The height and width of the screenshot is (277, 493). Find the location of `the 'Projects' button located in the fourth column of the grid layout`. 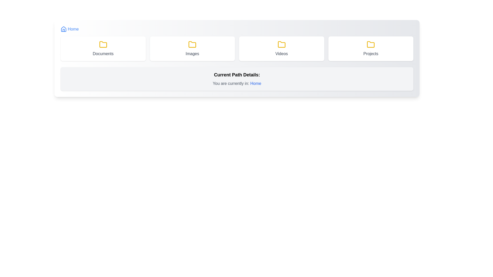

the 'Projects' button located in the fourth column of the grid layout is located at coordinates (371, 48).